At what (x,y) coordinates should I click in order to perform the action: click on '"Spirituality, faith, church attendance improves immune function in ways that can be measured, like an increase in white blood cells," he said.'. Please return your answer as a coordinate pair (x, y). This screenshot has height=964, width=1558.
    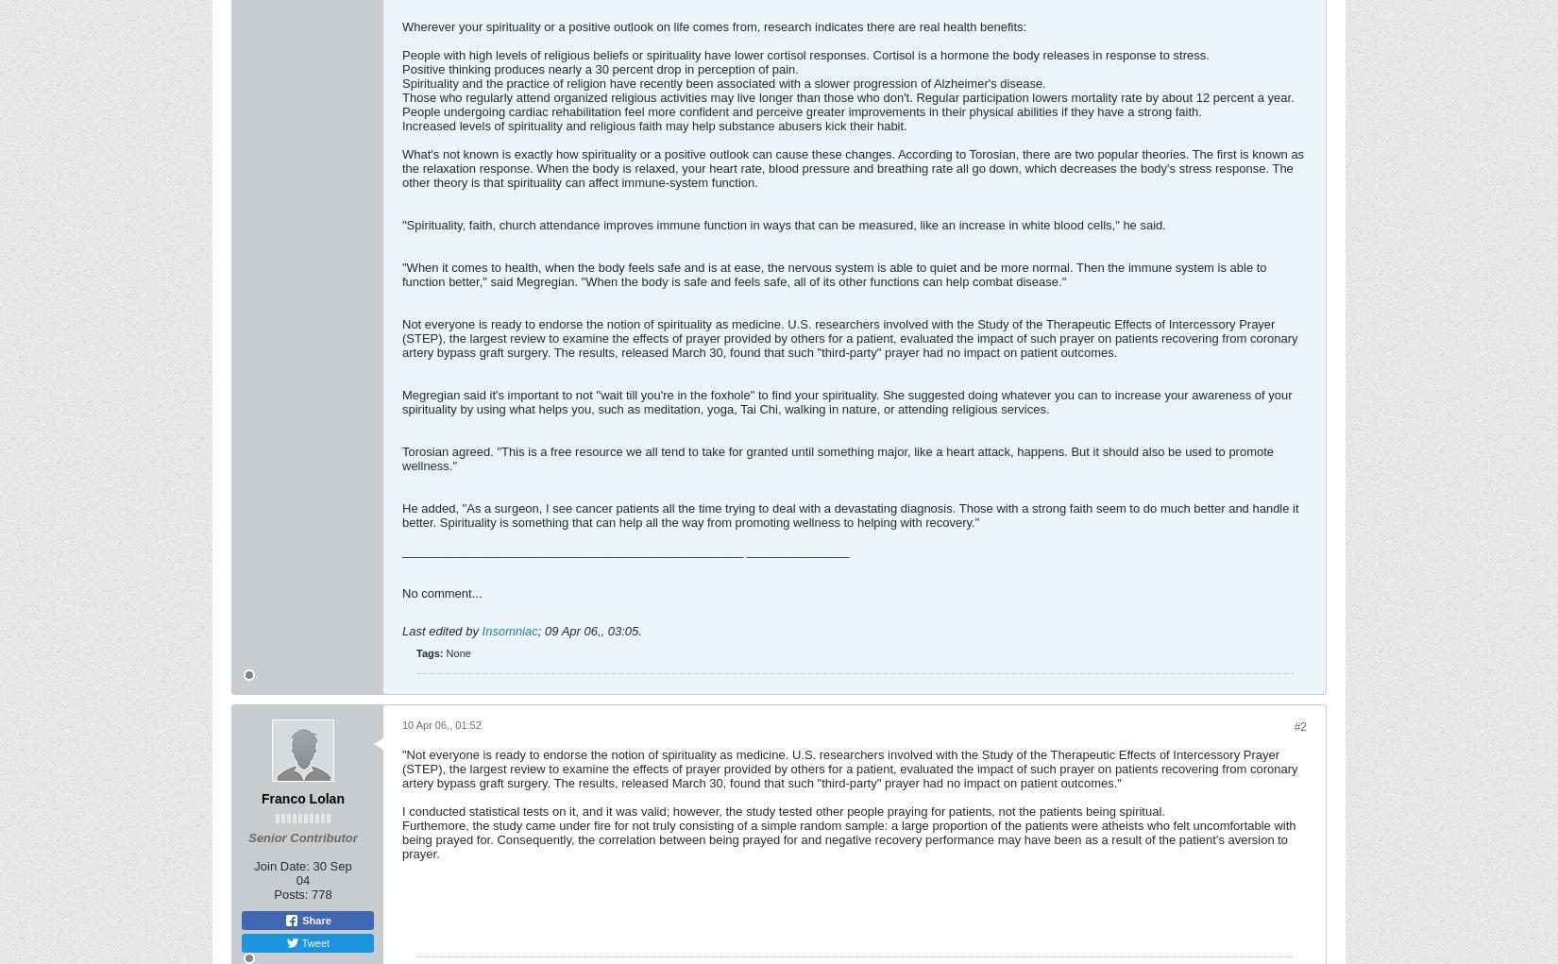
    Looking at the image, I should click on (783, 223).